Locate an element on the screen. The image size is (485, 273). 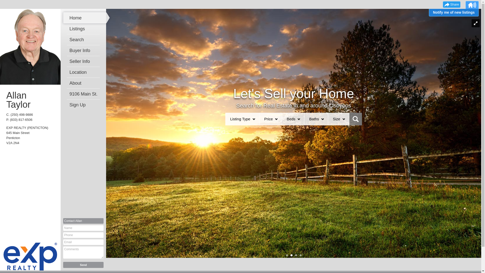
'Home' is located at coordinates (85, 17).